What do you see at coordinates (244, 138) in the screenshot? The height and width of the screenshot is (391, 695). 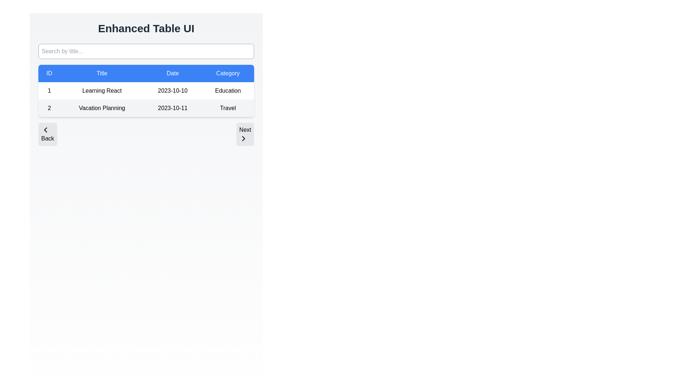 I see `the 'Next' button, which contains a graphic icon for forward navigation, located in the bottom-right section of the interface` at bounding box center [244, 138].